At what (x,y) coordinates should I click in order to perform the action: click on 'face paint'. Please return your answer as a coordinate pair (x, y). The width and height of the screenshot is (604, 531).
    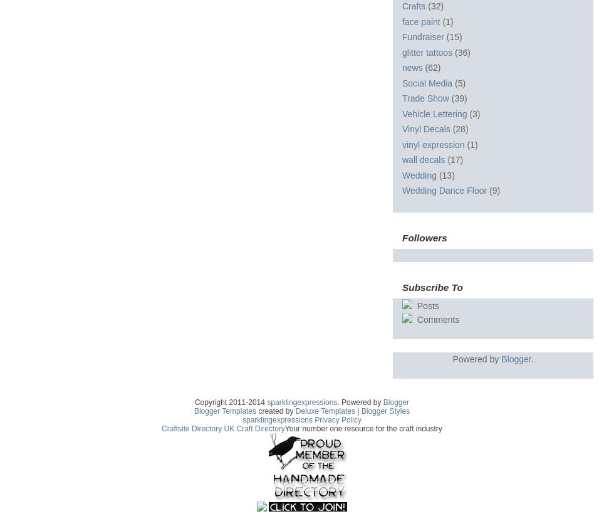
    Looking at the image, I should click on (420, 20).